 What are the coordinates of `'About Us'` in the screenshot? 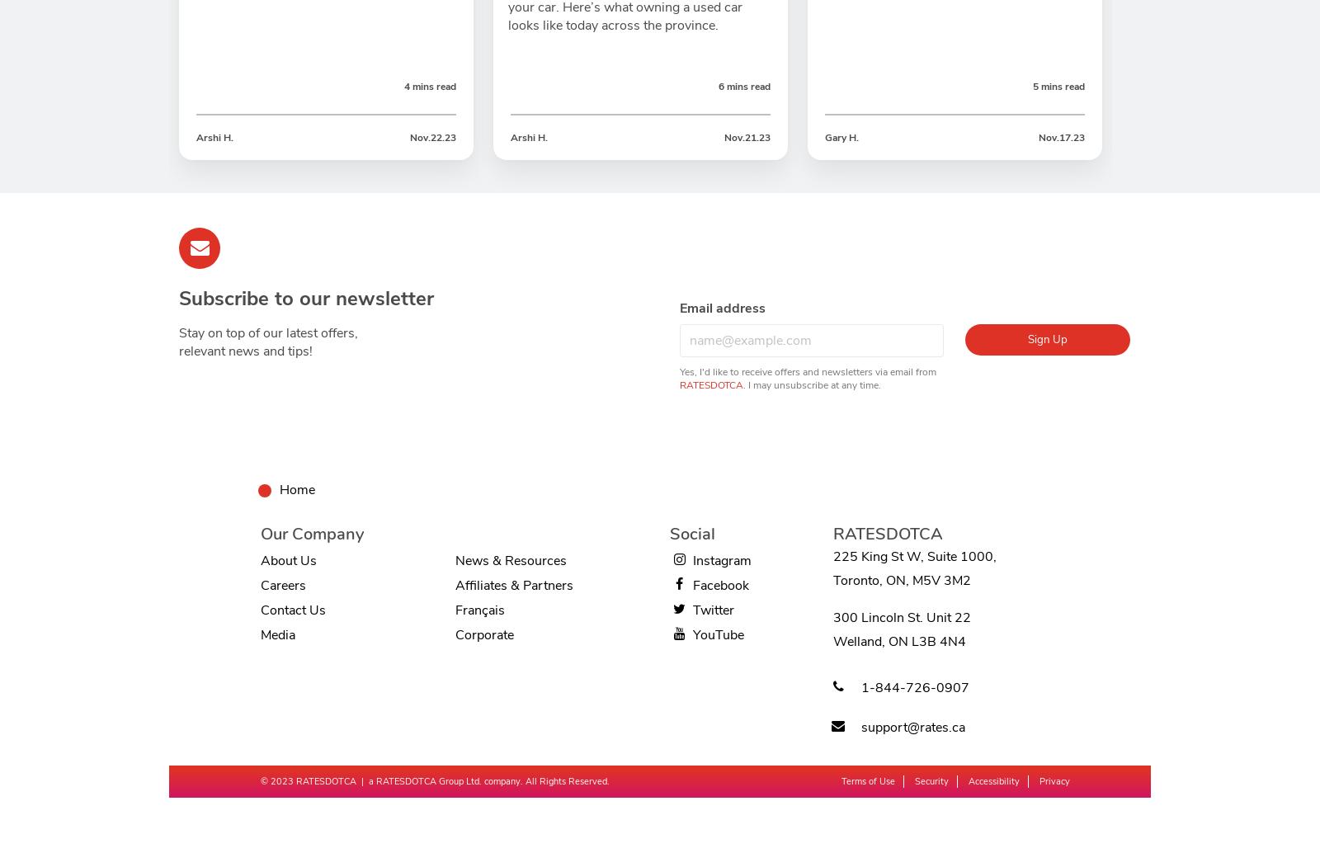 It's located at (261, 560).